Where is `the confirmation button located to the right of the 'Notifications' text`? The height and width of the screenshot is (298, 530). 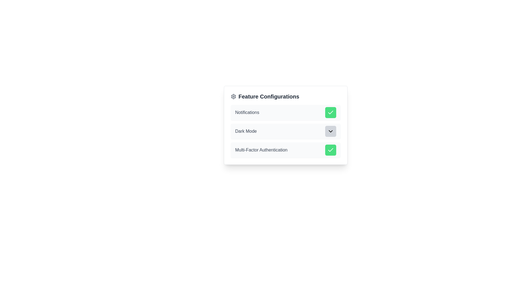 the confirmation button located to the right of the 'Notifications' text is located at coordinates (331, 112).